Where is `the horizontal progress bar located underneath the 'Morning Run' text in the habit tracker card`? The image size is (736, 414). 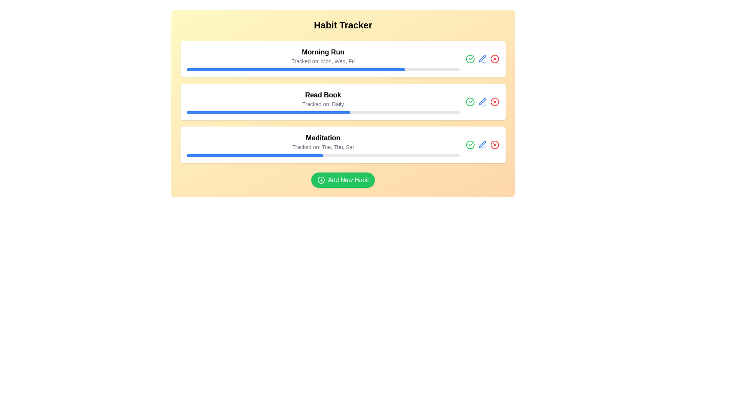 the horizontal progress bar located underneath the 'Morning Run' text in the habit tracker card is located at coordinates (323, 69).